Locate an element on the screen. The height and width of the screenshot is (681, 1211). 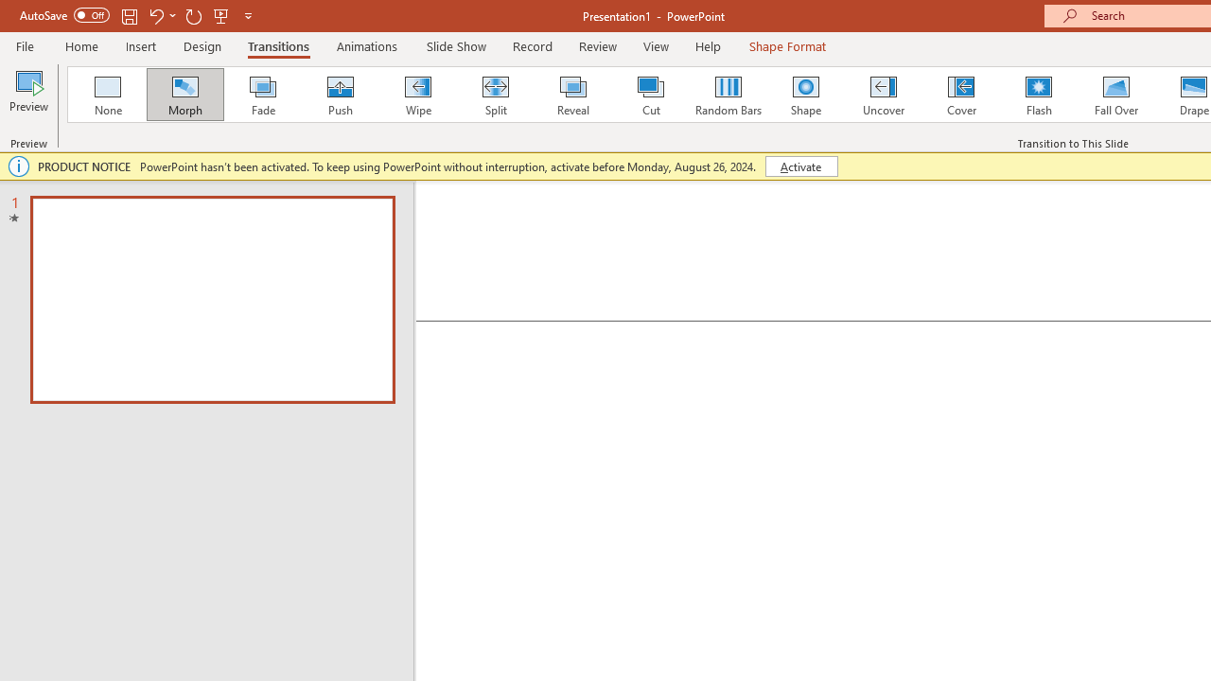
'Uncover' is located at coordinates (883, 95).